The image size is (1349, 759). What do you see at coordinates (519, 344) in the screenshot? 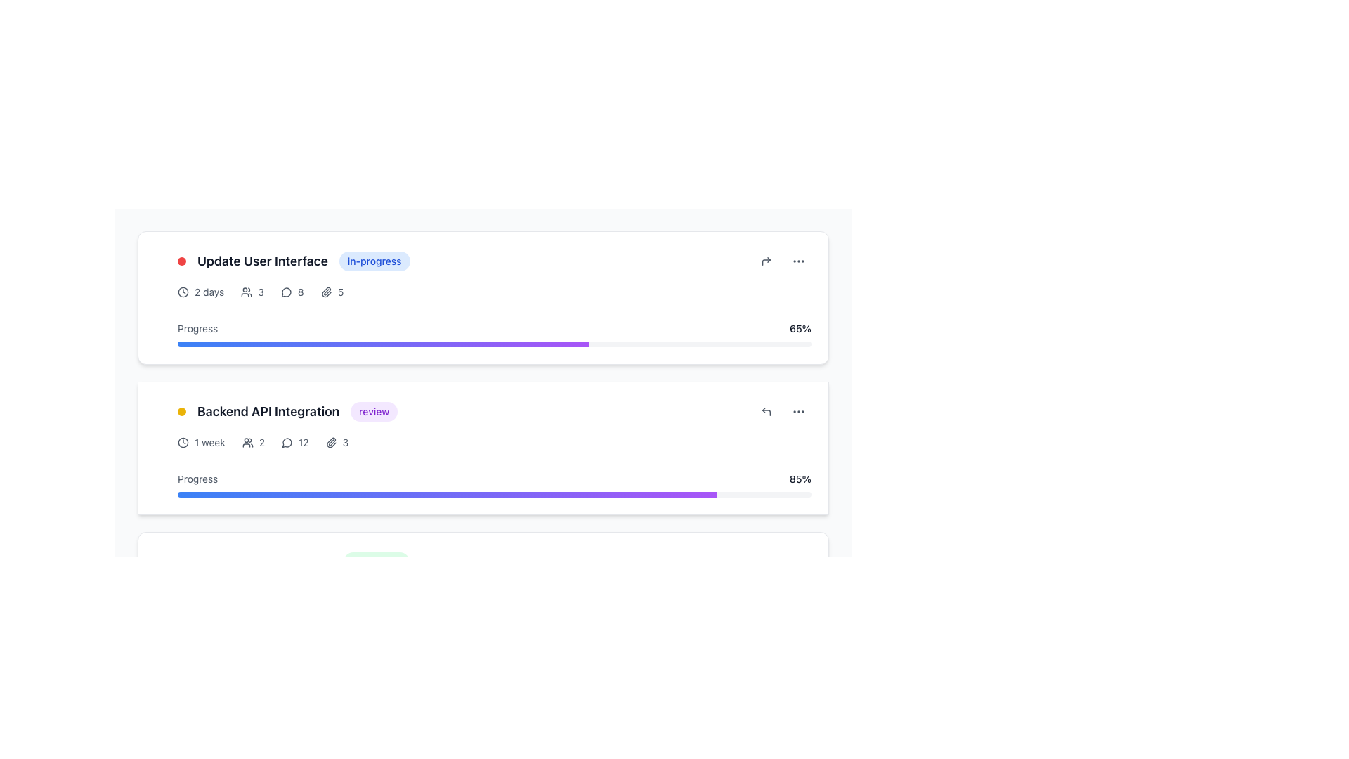
I see `progress` at bounding box center [519, 344].